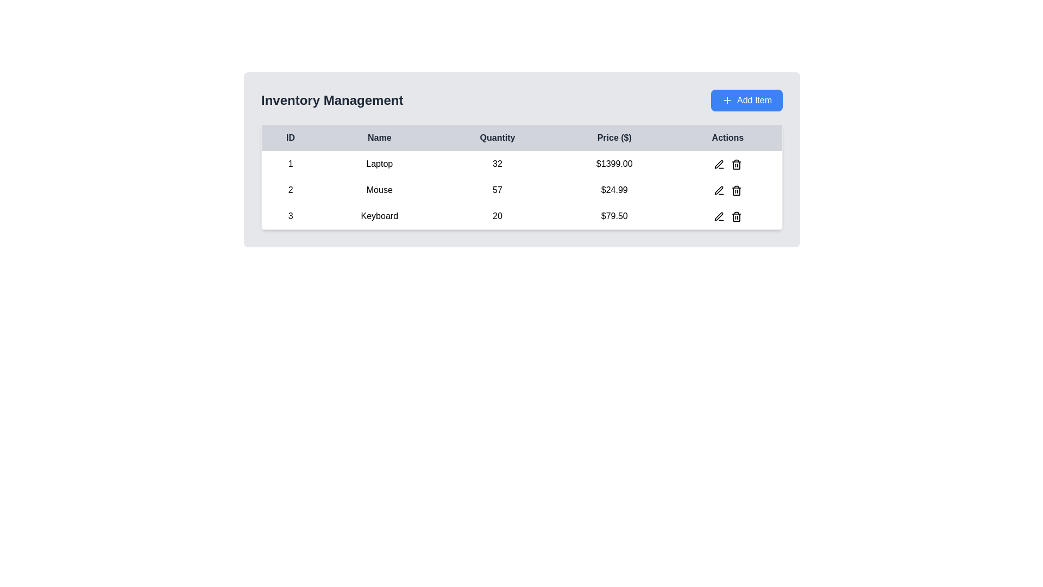  What do you see at coordinates (379, 164) in the screenshot?
I see `the Text label displaying 'Laptop' in plain black font, located in the 'Name' column of the third row in the Inventory Management table` at bounding box center [379, 164].